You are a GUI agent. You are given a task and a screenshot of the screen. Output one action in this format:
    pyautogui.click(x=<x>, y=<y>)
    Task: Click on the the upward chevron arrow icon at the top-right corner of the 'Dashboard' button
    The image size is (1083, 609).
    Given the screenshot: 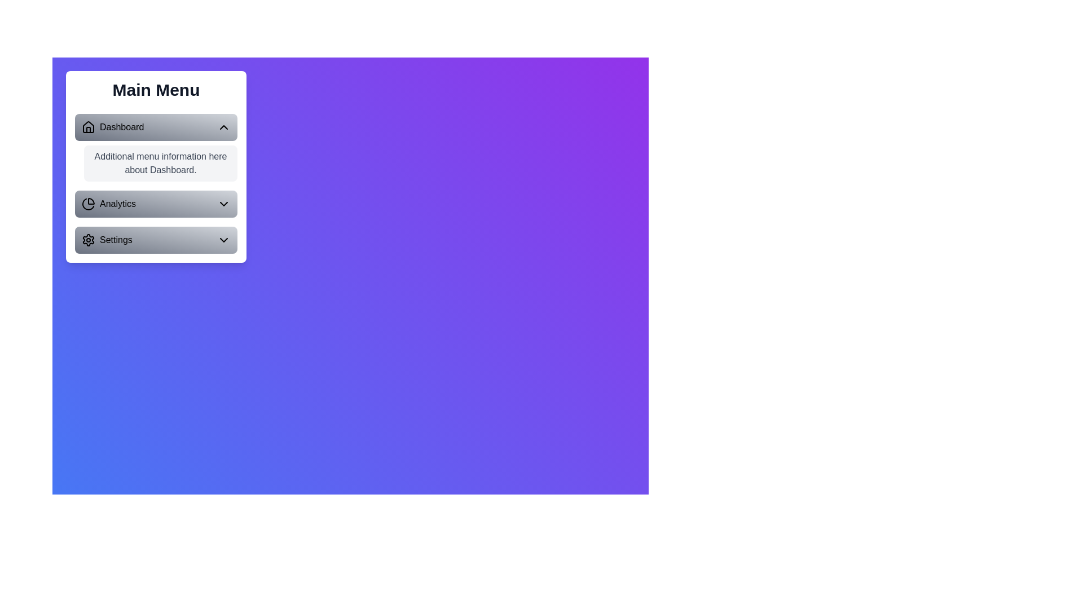 What is the action you would take?
    pyautogui.click(x=224, y=127)
    